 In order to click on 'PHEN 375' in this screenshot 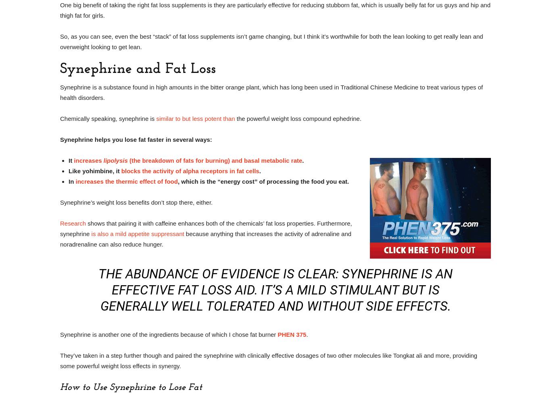, I will do `click(278, 334)`.